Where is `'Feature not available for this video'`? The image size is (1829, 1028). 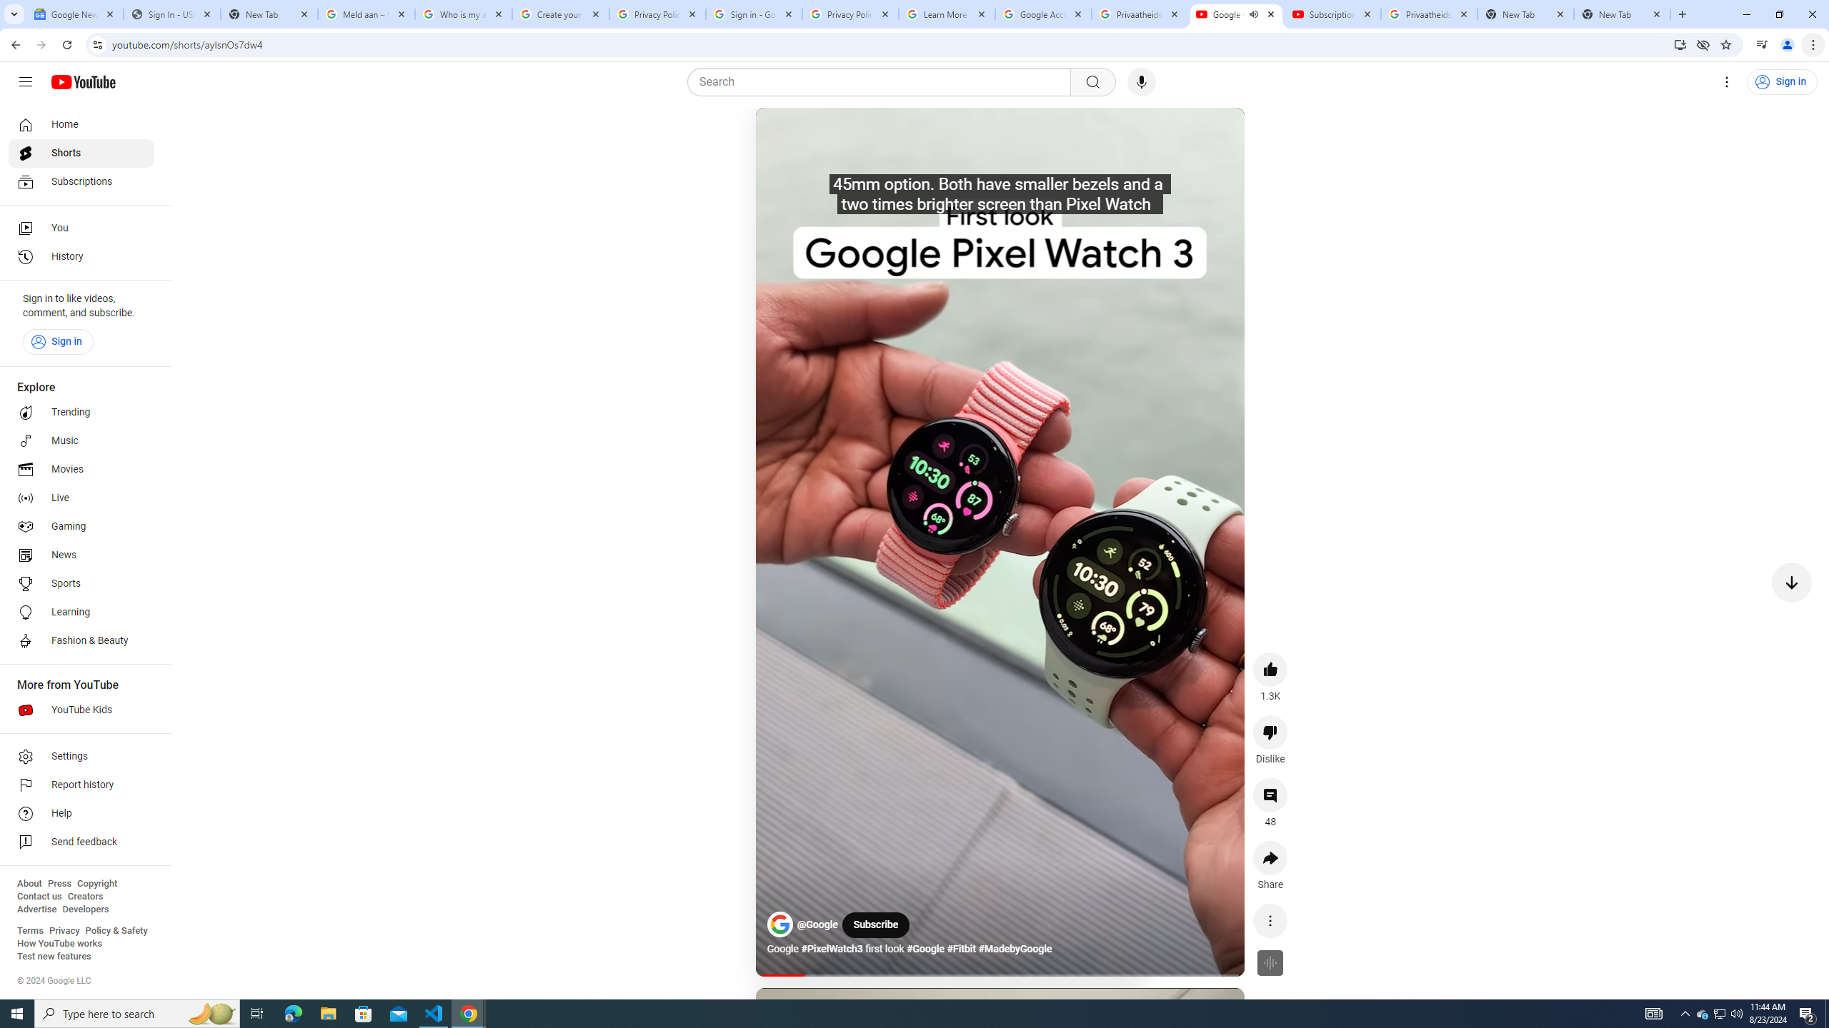 'Feature not available for this video' is located at coordinates (1270, 962).